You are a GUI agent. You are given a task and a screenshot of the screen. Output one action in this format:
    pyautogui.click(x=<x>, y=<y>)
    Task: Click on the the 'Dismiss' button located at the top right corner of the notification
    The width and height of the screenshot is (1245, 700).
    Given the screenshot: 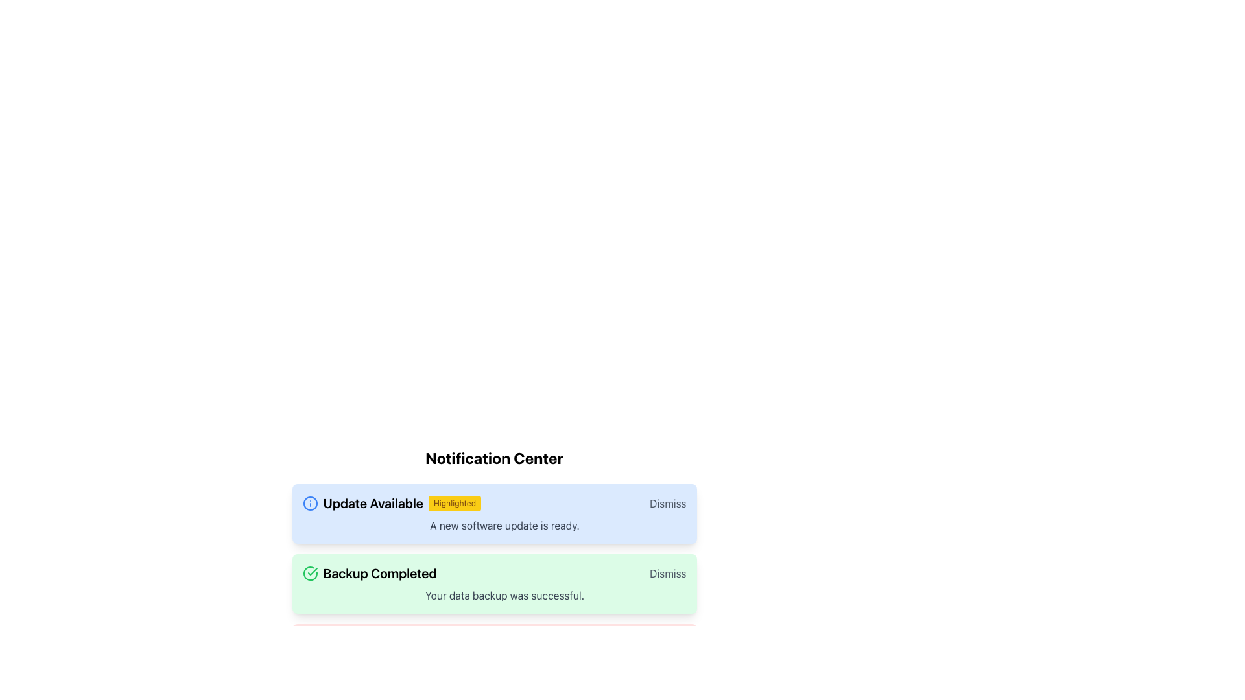 What is the action you would take?
    pyautogui.click(x=668, y=572)
    